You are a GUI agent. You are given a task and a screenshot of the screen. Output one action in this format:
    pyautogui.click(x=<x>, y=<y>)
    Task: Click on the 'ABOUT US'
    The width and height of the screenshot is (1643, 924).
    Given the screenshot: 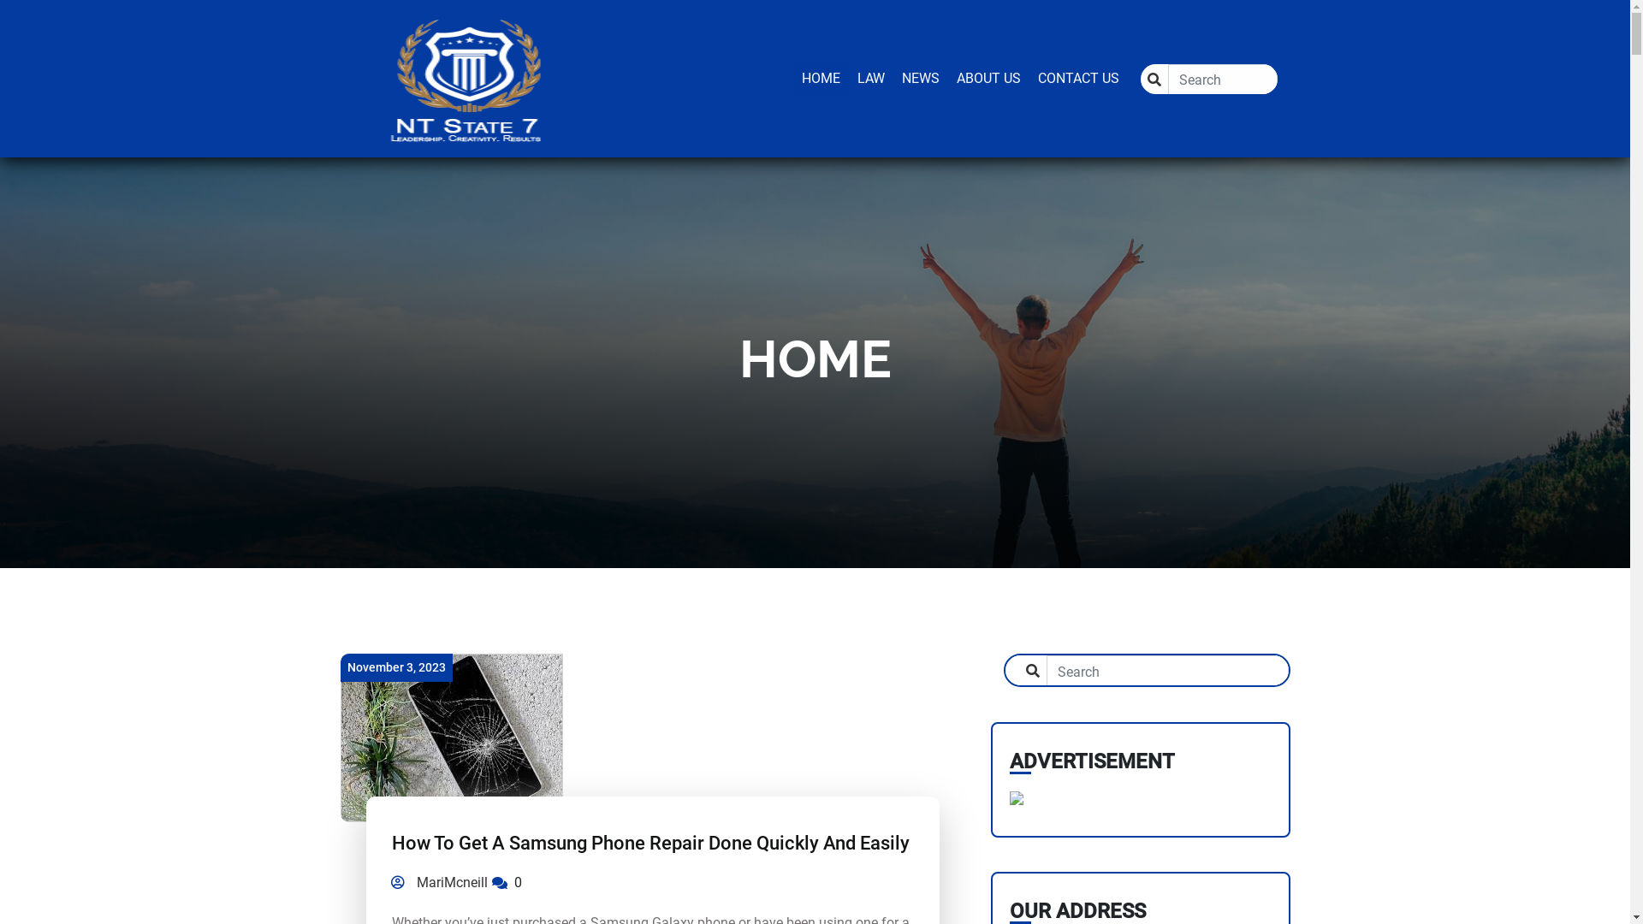 What is the action you would take?
    pyautogui.click(x=988, y=78)
    